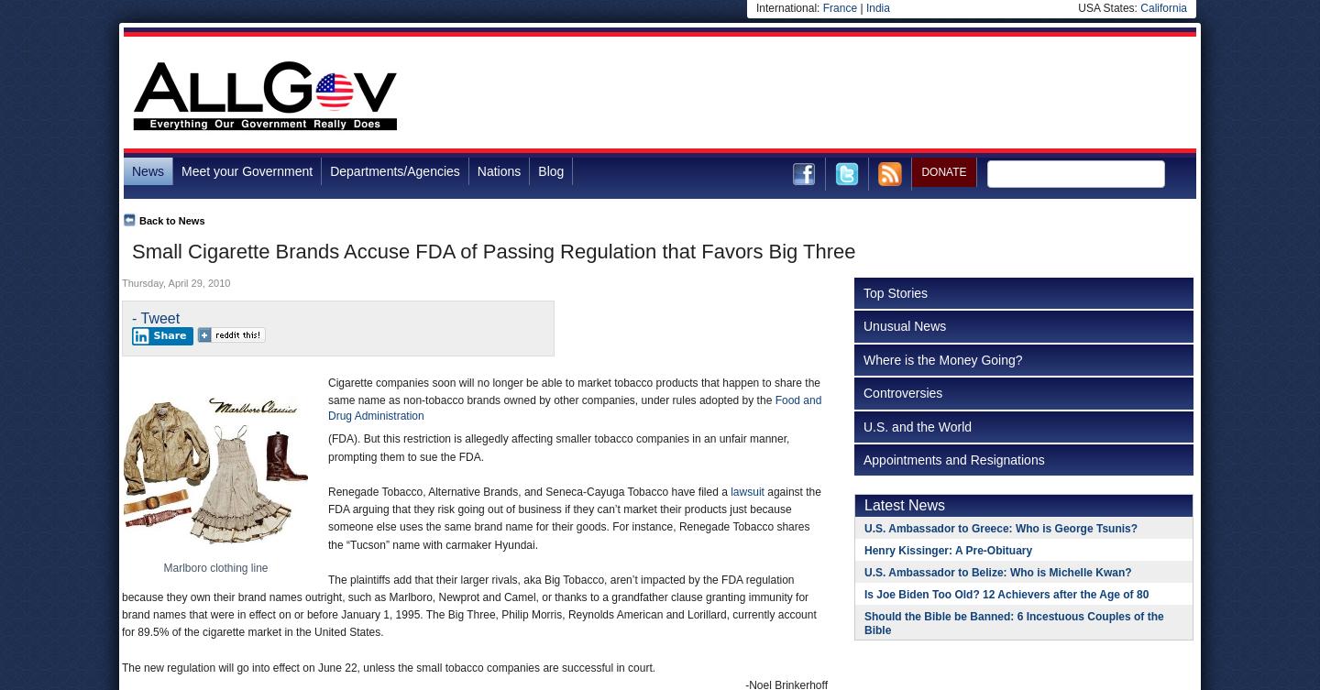 This screenshot has width=1320, height=690. I want to click on 'against the FDA arguing that they risk going out of business if they can’t market their products just because someone else uses the same brand name for their goods. For instance, Renegade Tobacco shares the “Tucson” name with carmaker Hyundai.', so click(327, 517).